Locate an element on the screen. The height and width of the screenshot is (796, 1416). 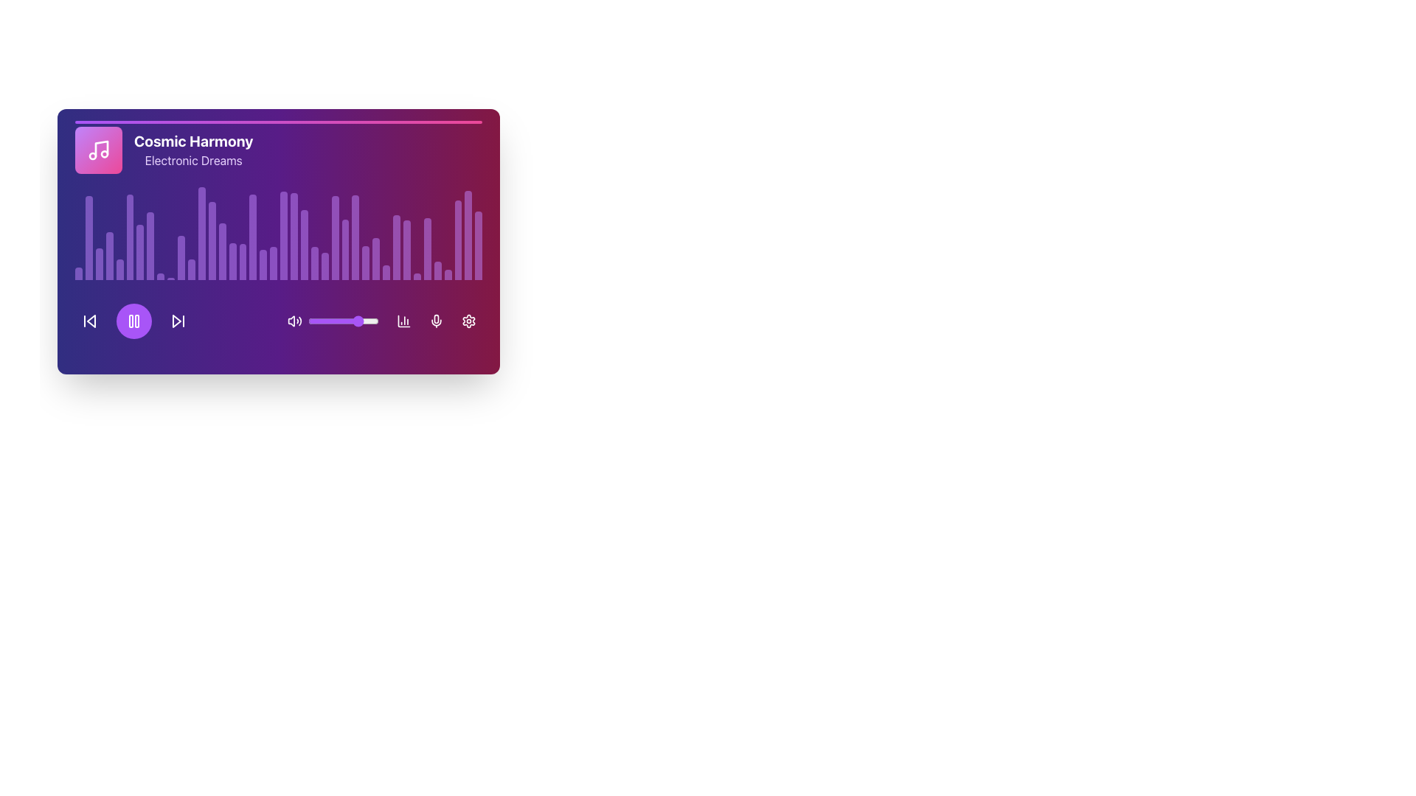
the triangular-shaped icon with a purple-to-red gradient background, located centrally within the control panel of the music player's interface, to skip to the next track is located at coordinates (177, 320).